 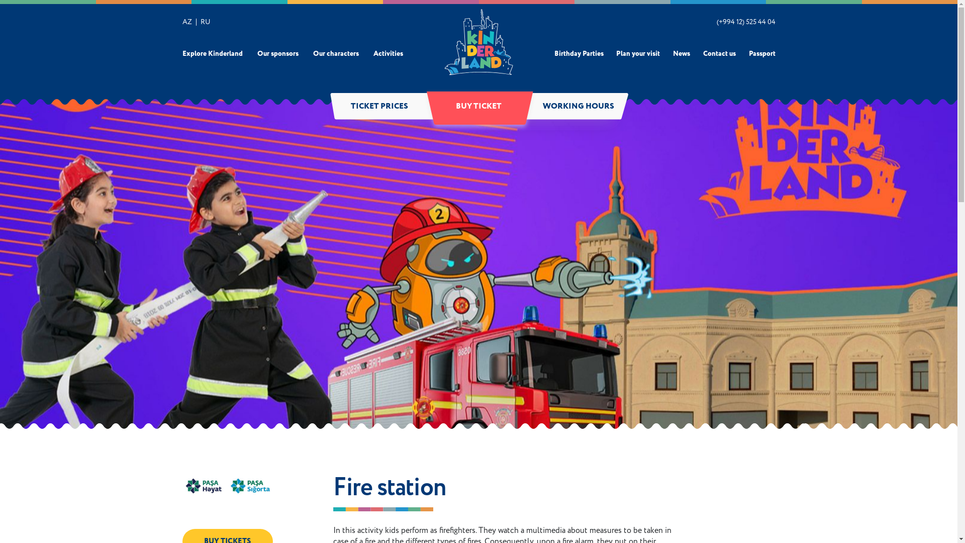 I want to click on 'Plan your visit', so click(x=637, y=54).